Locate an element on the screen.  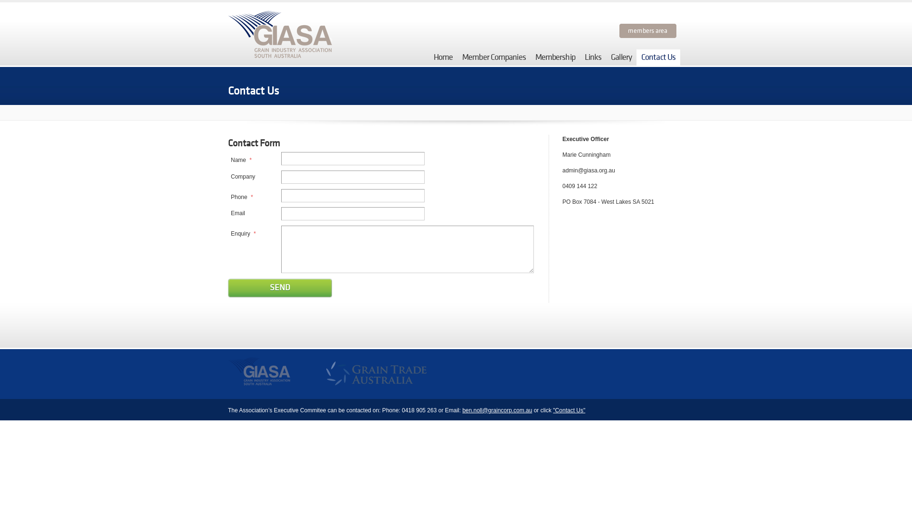
'Members Area' is located at coordinates (647, 30).